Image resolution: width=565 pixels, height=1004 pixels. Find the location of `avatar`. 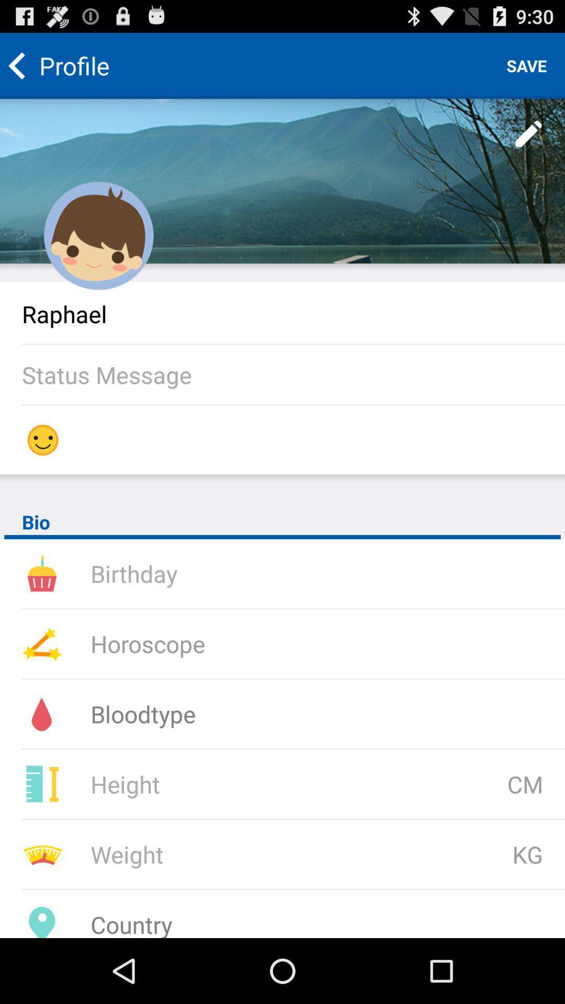

avatar is located at coordinates (99, 235).